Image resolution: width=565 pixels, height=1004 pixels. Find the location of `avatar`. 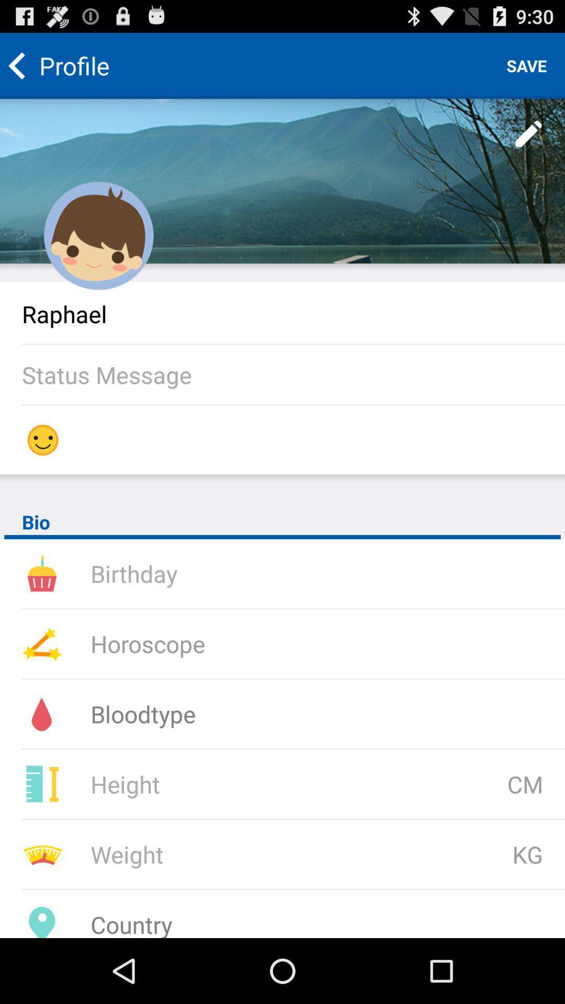

avatar is located at coordinates (99, 235).